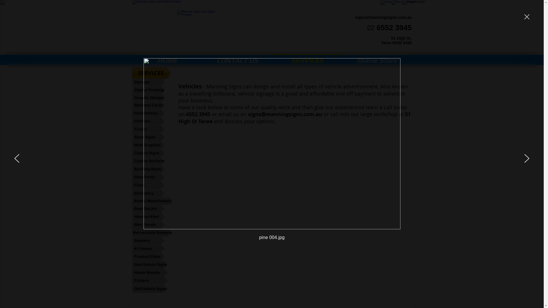 The width and height of the screenshot is (548, 308). I want to click on 'Custom Stickers', so click(131, 161).